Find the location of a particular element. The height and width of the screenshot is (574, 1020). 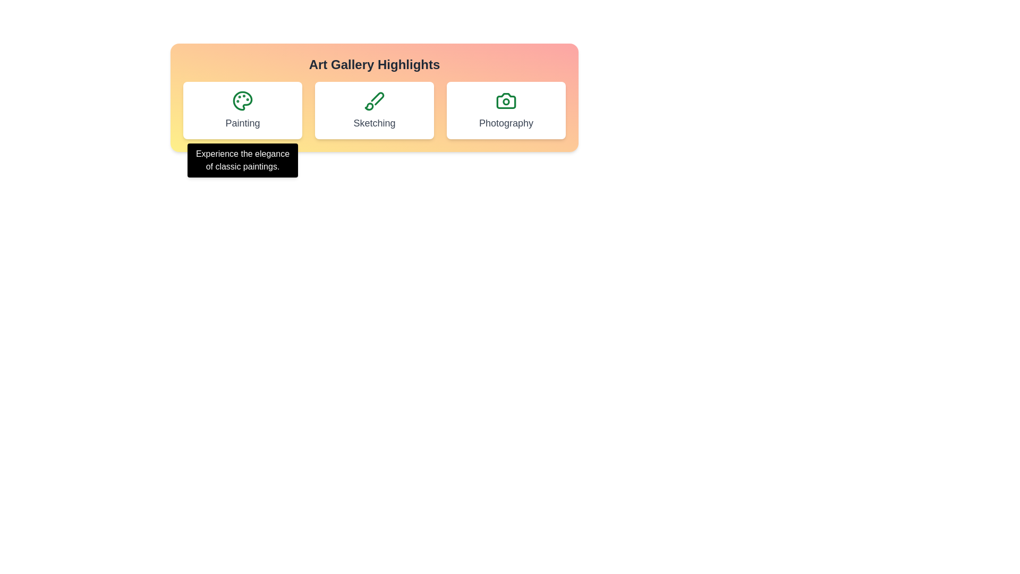

the 'Sketching' Label/Category Card, which is the second card in a row of three, featuring a green sketching pen icon and gray text on a white background is located at coordinates (375, 111).